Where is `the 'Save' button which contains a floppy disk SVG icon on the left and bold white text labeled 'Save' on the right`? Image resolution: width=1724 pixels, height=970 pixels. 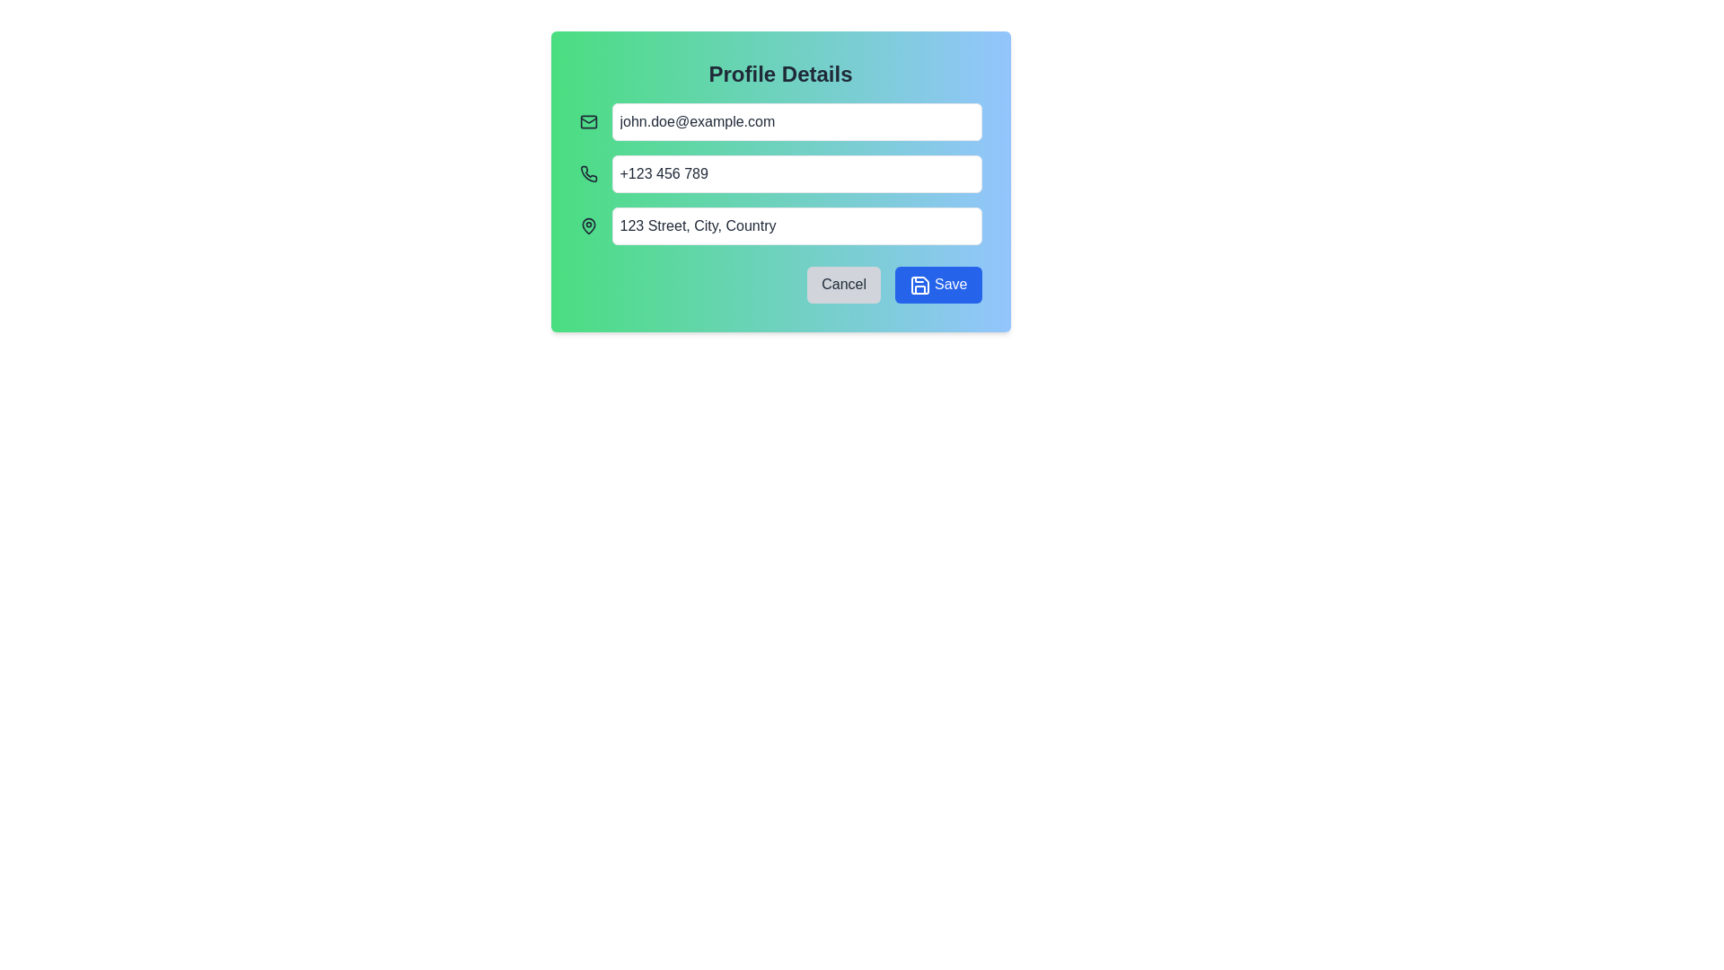
the 'Save' button which contains a floppy disk SVG icon on the left and bold white text labeled 'Save' on the right is located at coordinates (920, 284).